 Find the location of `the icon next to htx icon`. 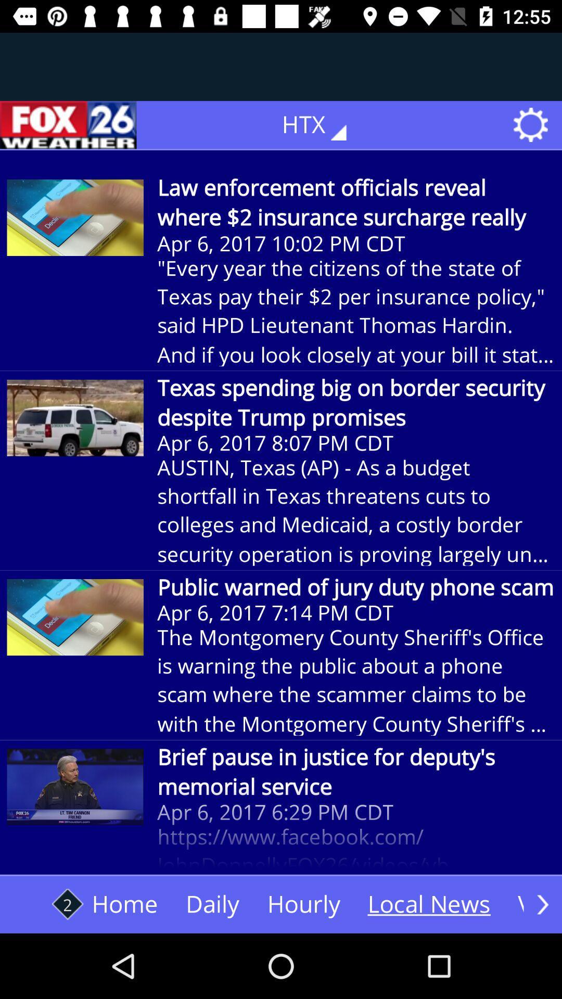

the icon next to htx icon is located at coordinates (68, 125).